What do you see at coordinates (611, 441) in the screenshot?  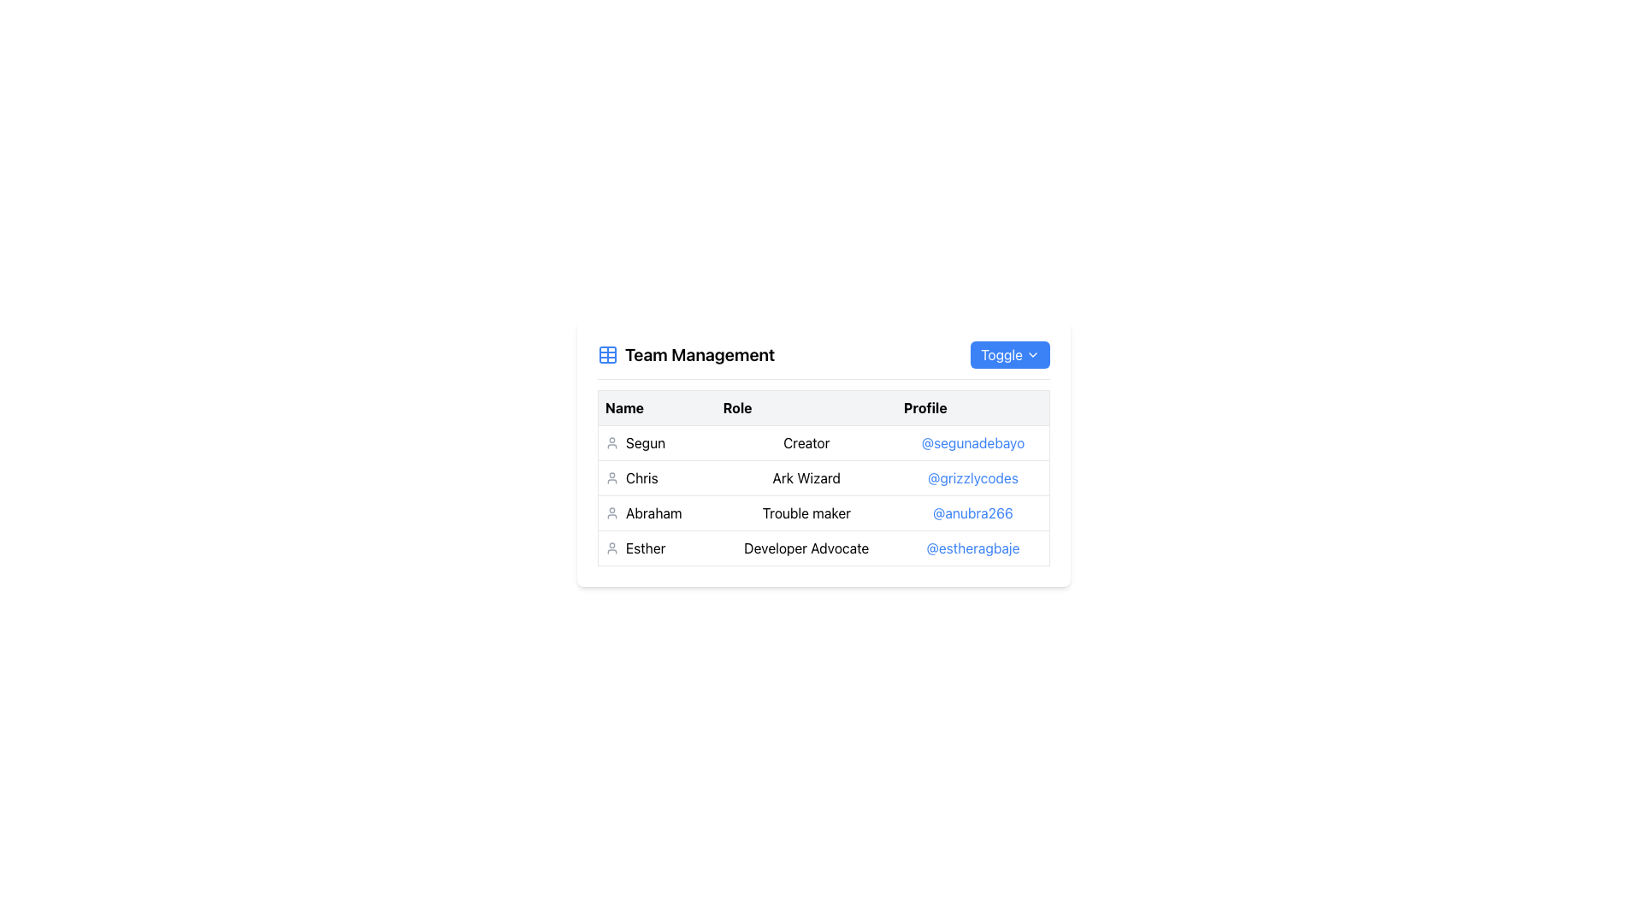 I see `the user icon representing 'Segun' in the 'Team Management' table to interact with it` at bounding box center [611, 441].